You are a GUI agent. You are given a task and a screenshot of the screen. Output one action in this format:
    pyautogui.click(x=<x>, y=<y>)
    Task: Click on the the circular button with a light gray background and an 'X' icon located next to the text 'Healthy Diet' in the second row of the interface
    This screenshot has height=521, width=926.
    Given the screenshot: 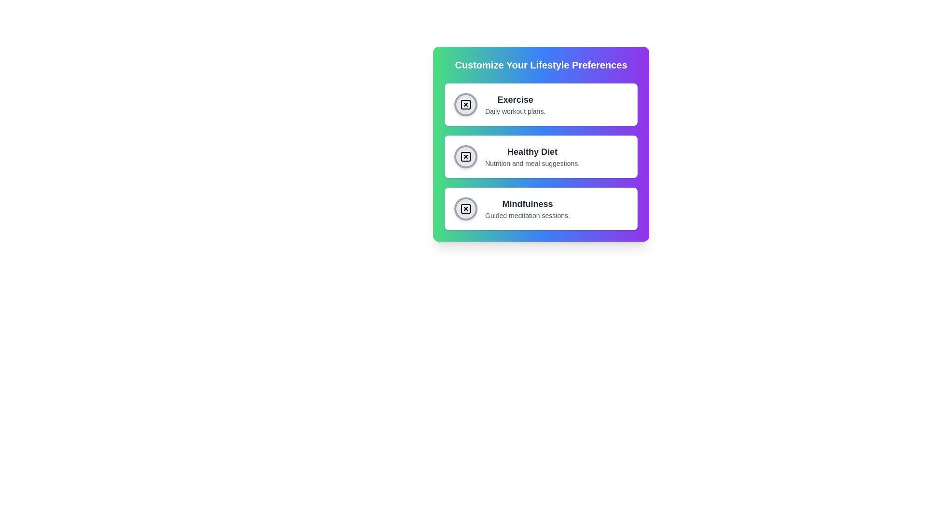 What is the action you would take?
    pyautogui.click(x=465, y=156)
    